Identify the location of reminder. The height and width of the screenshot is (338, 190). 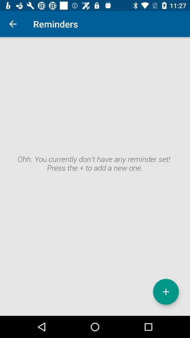
(166, 292).